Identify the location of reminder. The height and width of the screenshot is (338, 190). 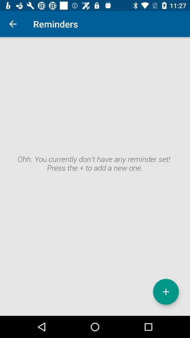
(166, 292).